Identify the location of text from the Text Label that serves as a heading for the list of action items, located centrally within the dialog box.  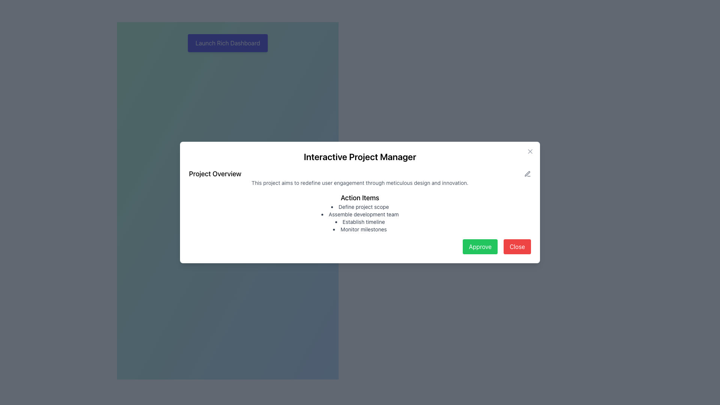
(360, 198).